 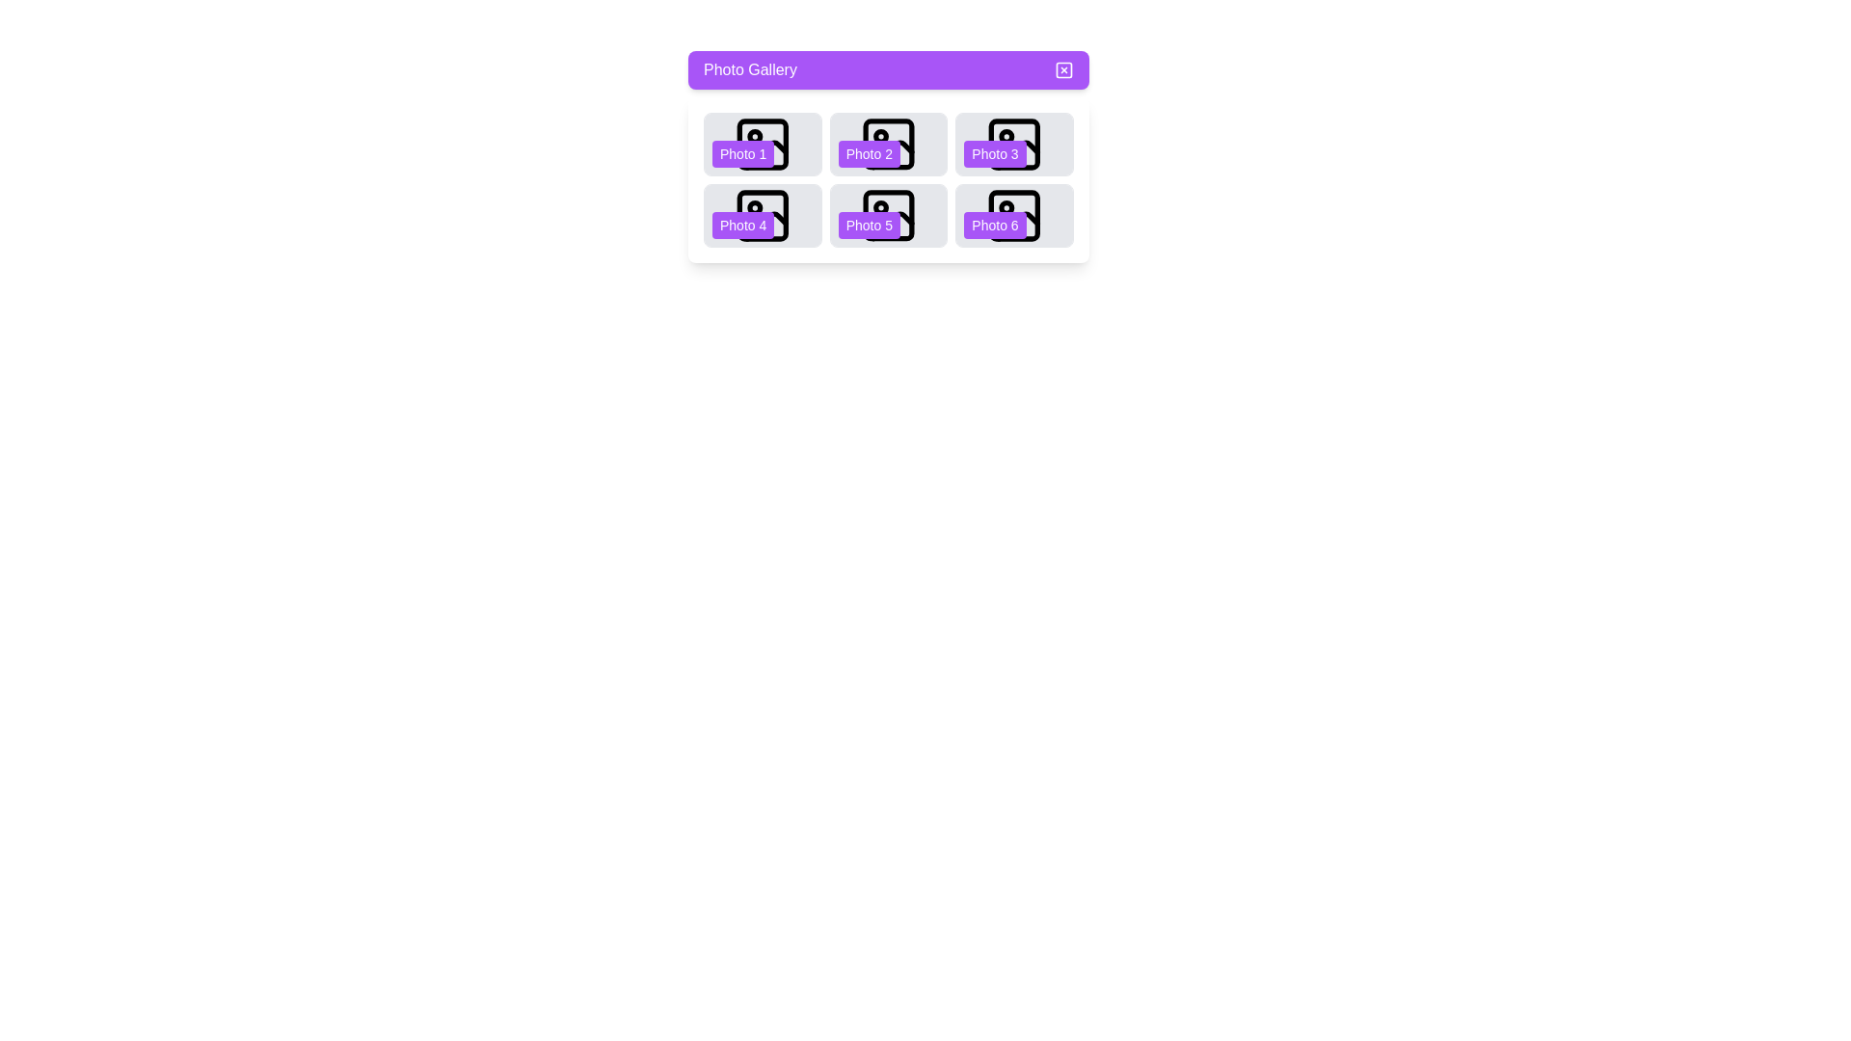 What do you see at coordinates (887, 144) in the screenshot?
I see `the photo labeled with the number 2` at bounding box center [887, 144].